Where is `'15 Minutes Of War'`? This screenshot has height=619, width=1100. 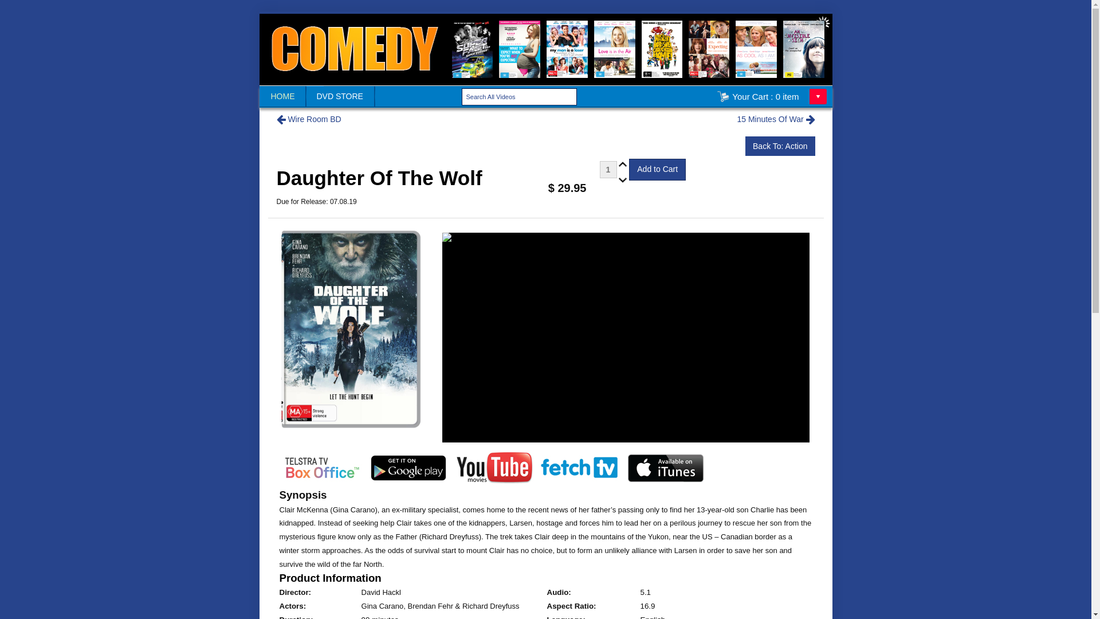 '15 Minutes Of War' is located at coordinates (775, 119).